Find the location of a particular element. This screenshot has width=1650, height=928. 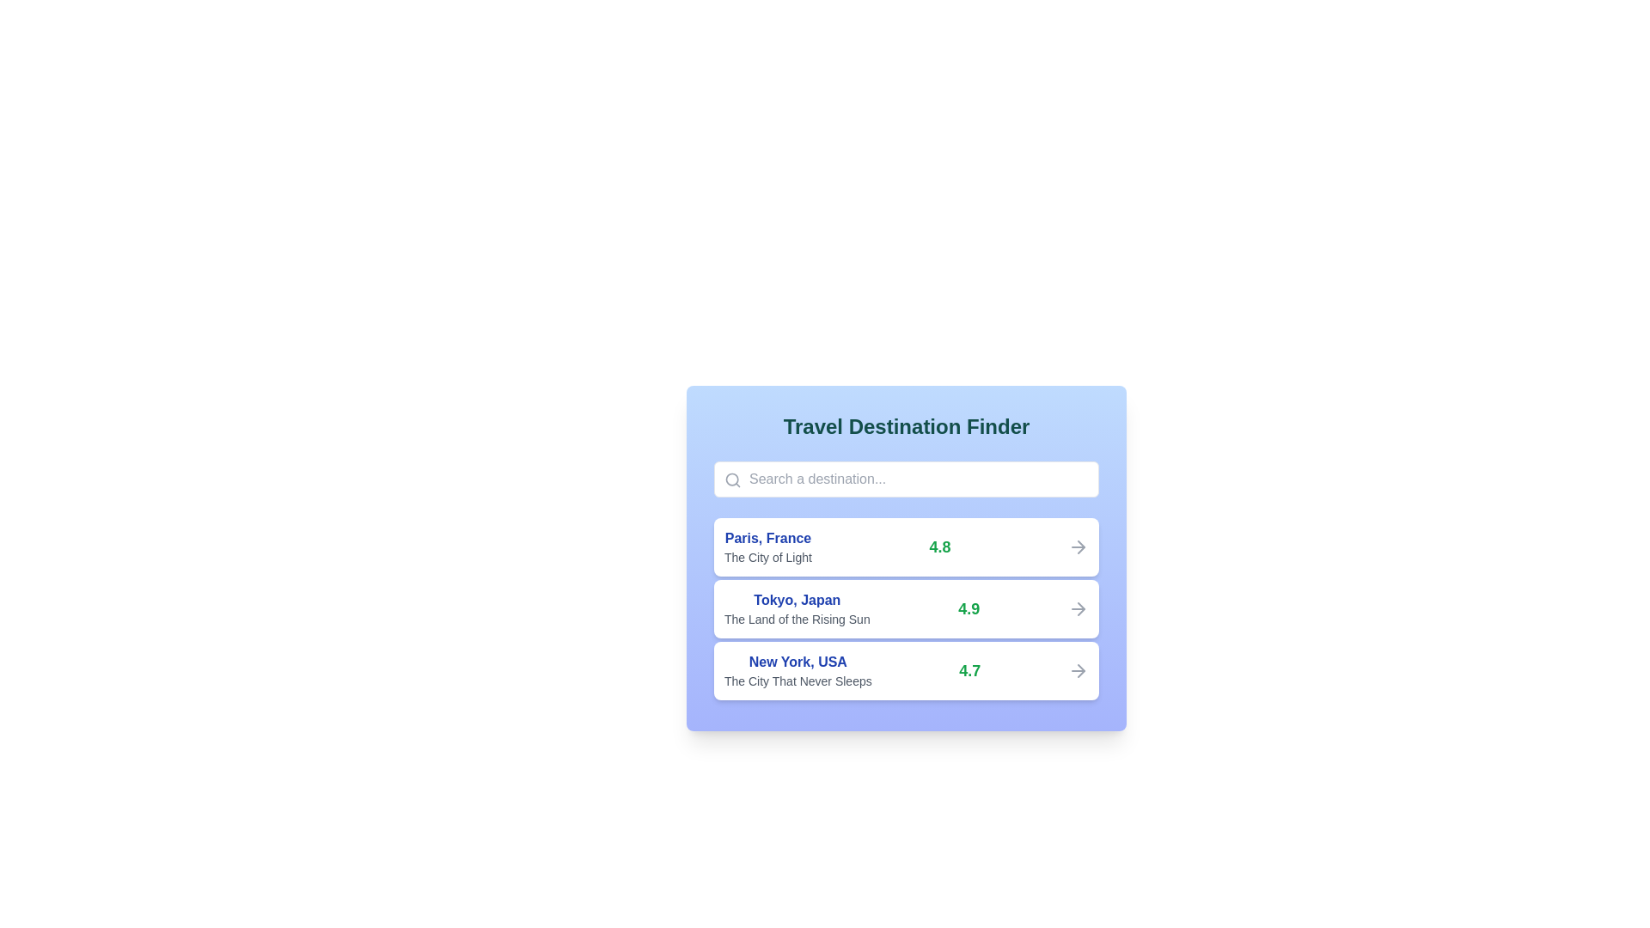

the text element displaying the rating '4.7' in bold green font, which is aligned to the right of the destination title 'New York, USA.' is located at coordinates (969, 669).